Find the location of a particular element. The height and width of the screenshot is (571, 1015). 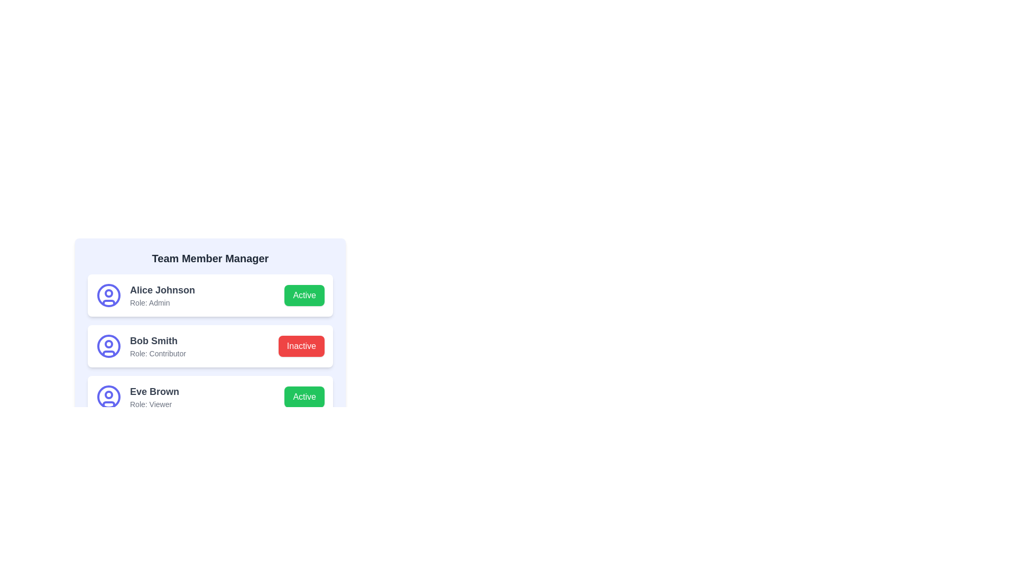

the Text Label displaying 'Role: Viewer', which is located below 'Eve Brown' in the 'Team Member Manager' list entry is located at coordinates (154, 404).